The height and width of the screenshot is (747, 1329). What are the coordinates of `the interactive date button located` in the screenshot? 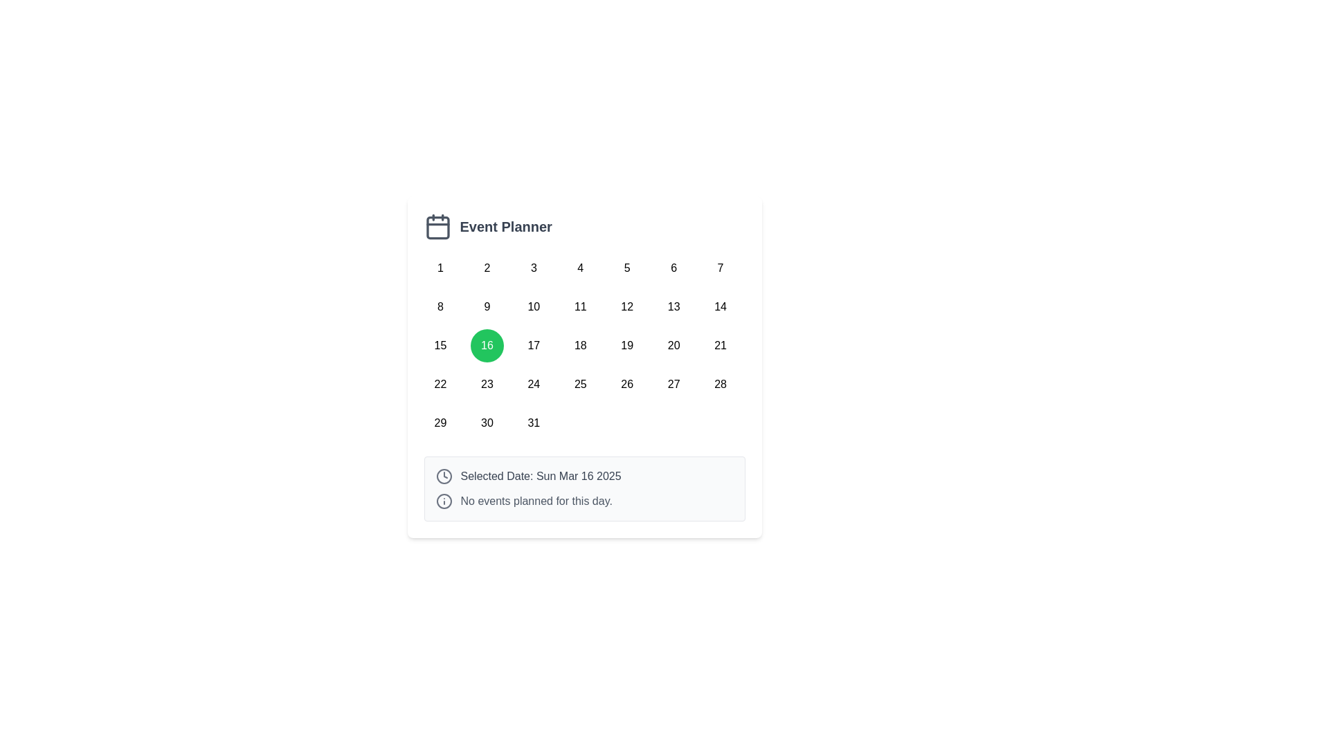 It's located at (533, 268).